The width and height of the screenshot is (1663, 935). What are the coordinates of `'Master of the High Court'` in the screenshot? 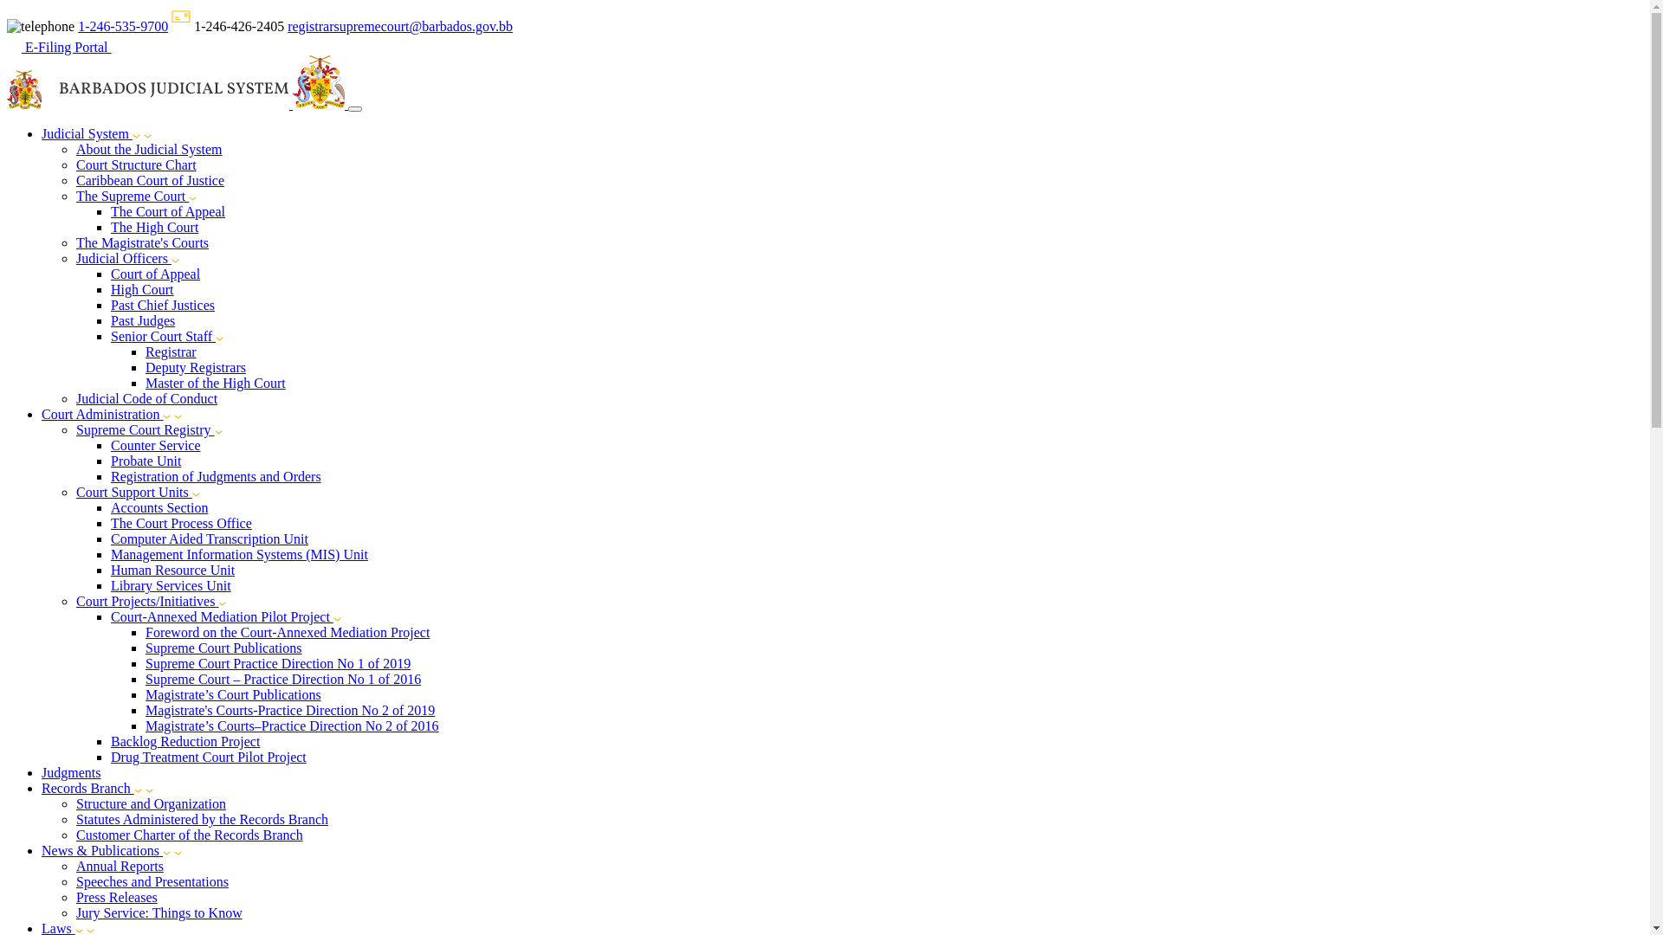 It's located at (215, 382).